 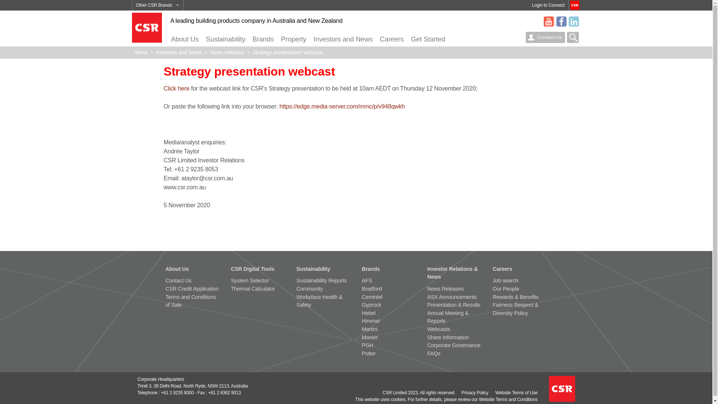 What do you see at coordinates (371, 320) in the screenshot?
I see `'Himmel'` at bounding box center [371, 320].